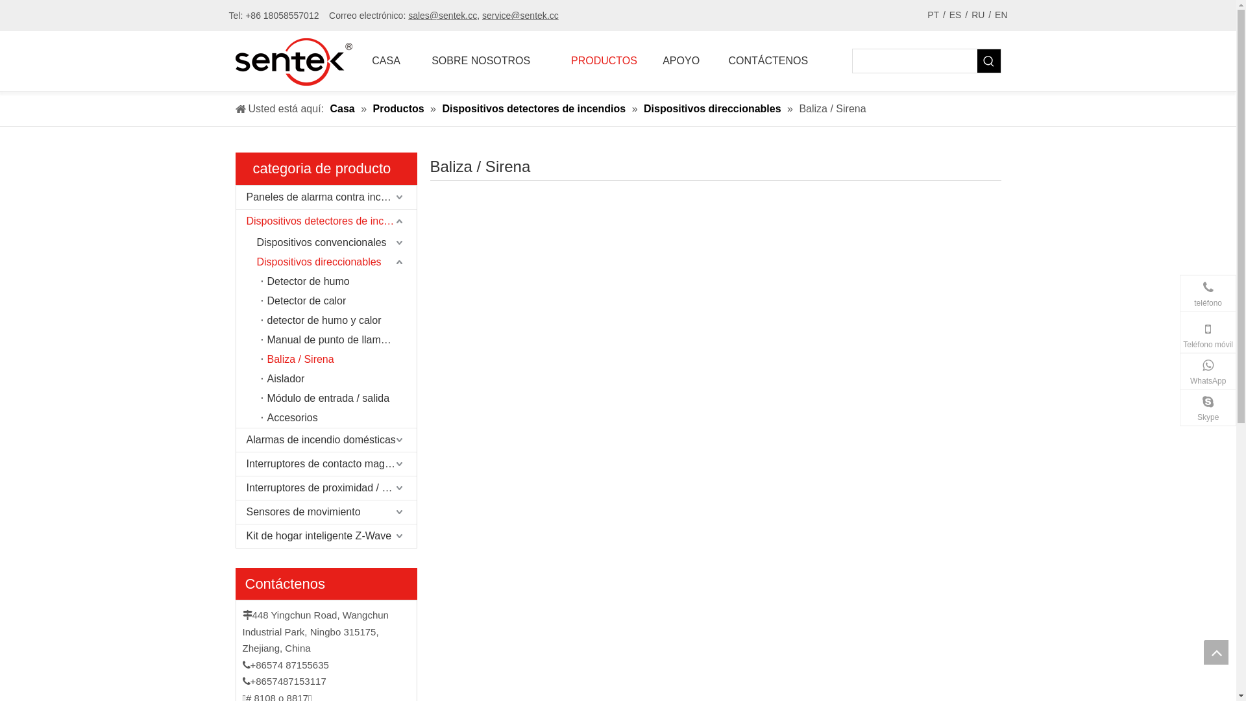 The height and width of the screenshot is (701, 1246). What do you see at coordinates (343, 108) in the screenshot?
I see `'Casa'` at bounding box center [343, 108].